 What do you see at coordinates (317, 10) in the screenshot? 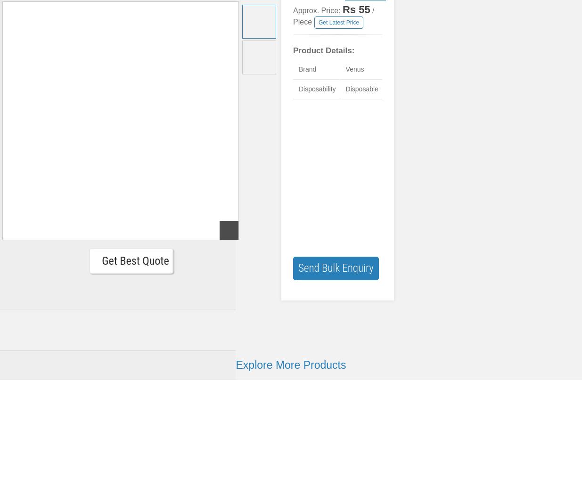
I see `'Approx. Price:'` at bounding box center [317, 10].